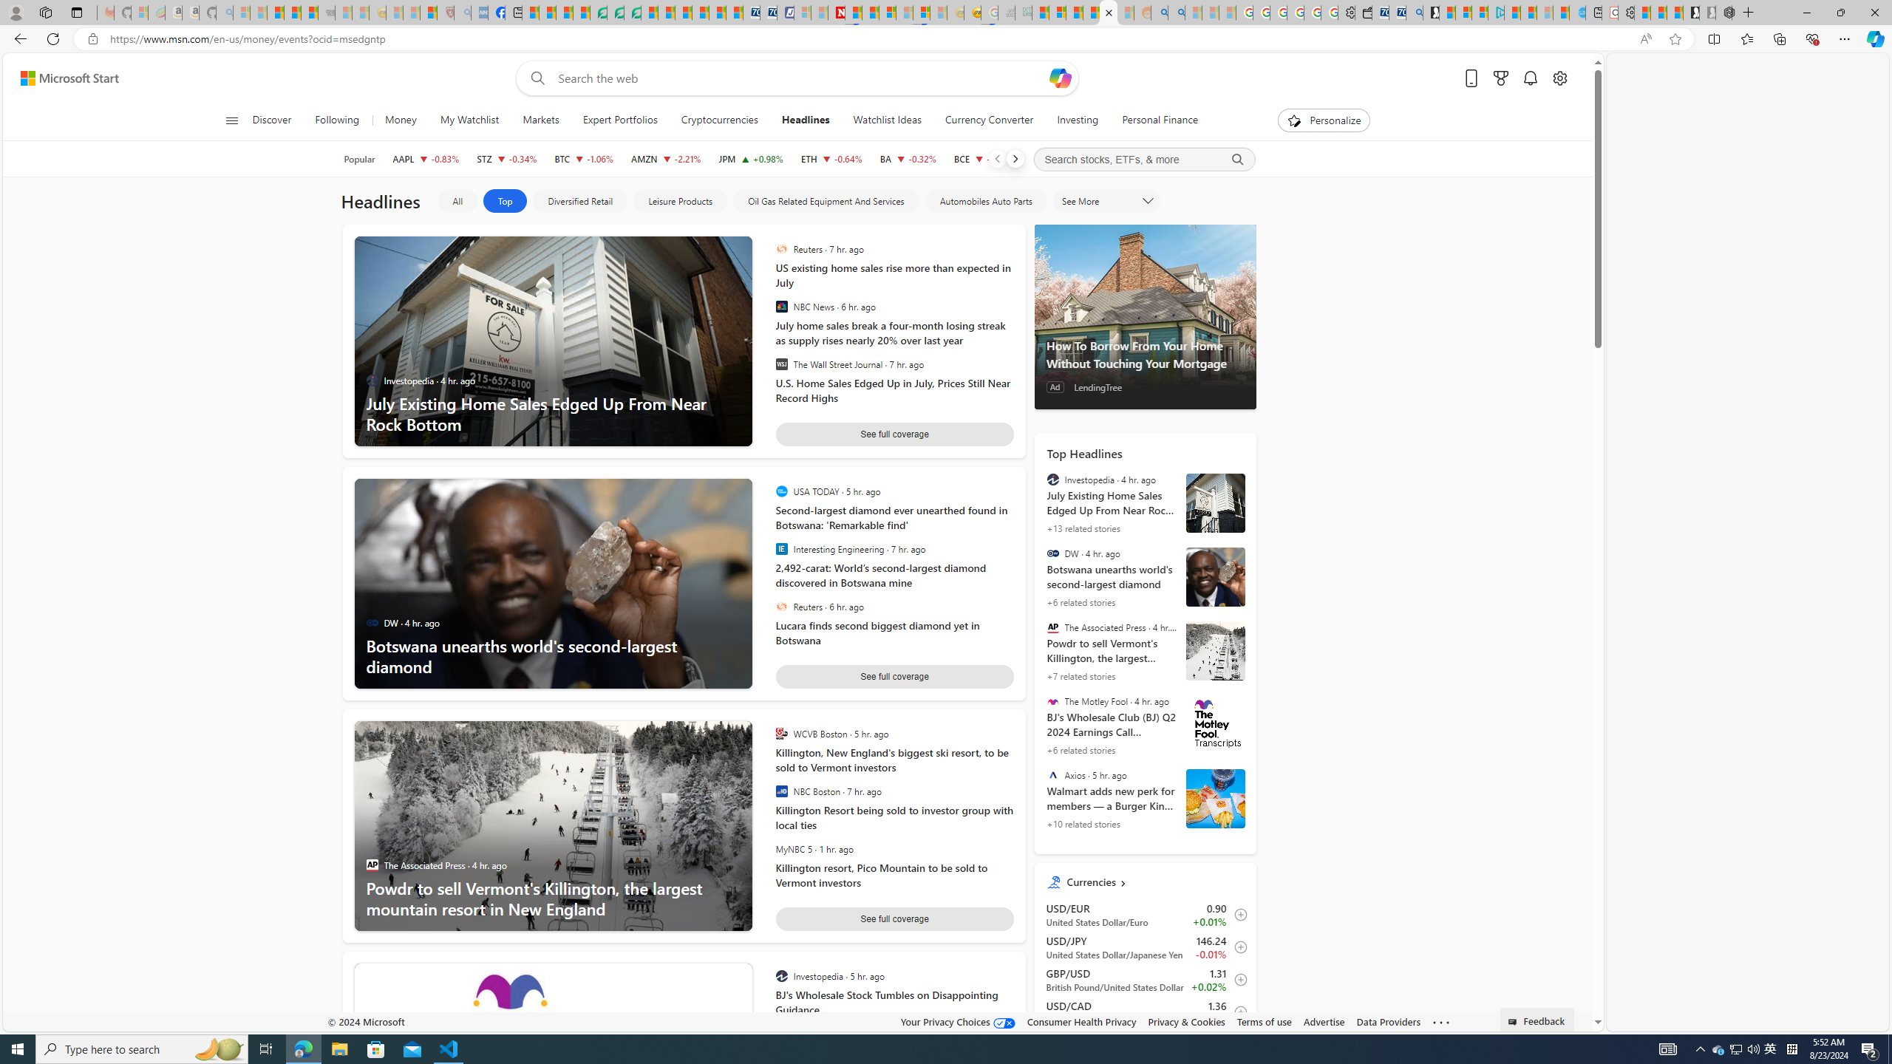 The image size is (1892, 1064). What do you see at coordinates (401, 120) in the screenshot?
I see `'Money'` at bounding box center [401, 120].